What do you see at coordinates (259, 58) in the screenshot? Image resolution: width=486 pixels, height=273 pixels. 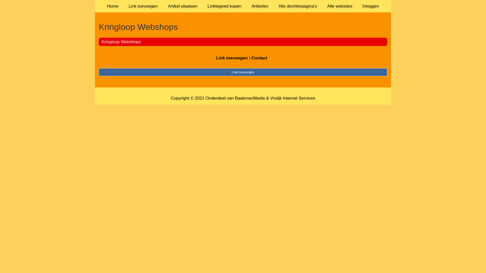 I see `'Contact'` at bounding box center [259, 58].